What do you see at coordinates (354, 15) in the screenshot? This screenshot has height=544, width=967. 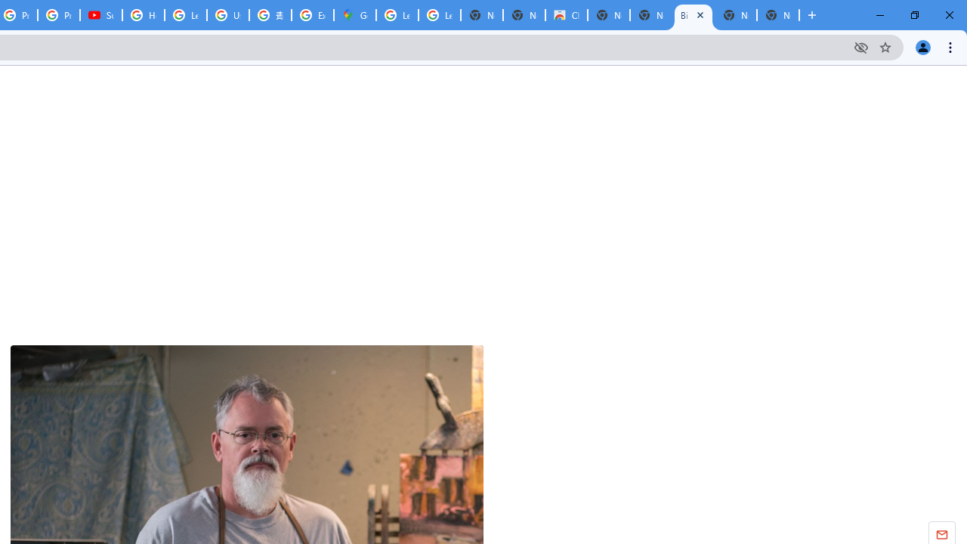 I see `'Google Maps'` at bounding box center [354, 15].